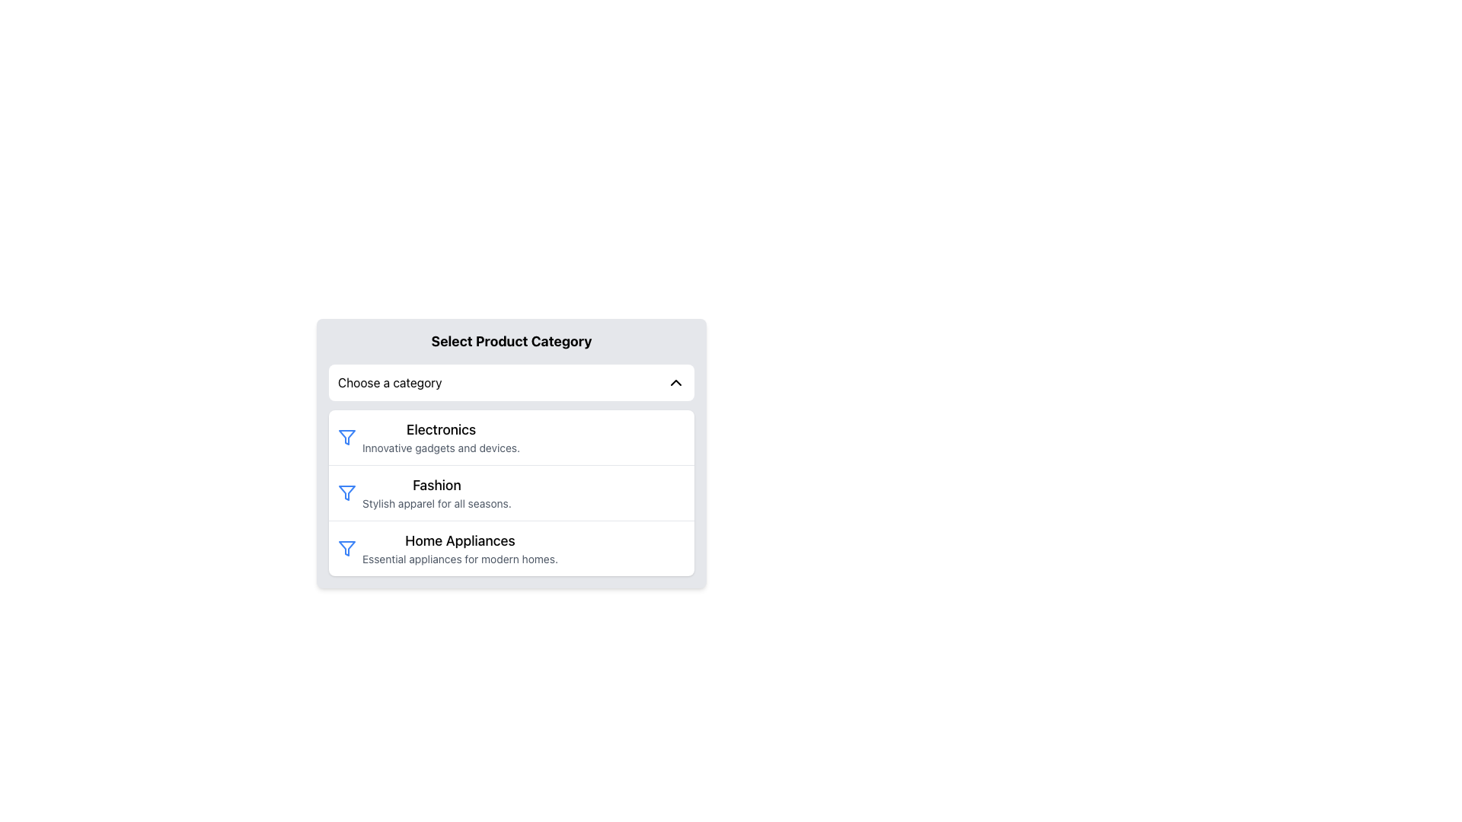 Image resolution: width=1462 pixels, height=822 pixels. I want to click on the text label describing the 'Fashion' category, which provides supplementary information about the category's offerings, located under the 'Fashion' category heading within the 'Select Product Category' list, so click(436, 504).